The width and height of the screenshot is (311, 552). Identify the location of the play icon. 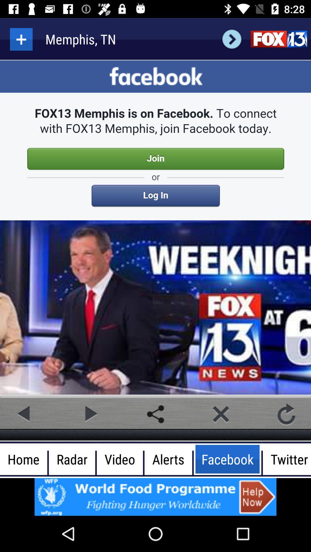
(90, 414).